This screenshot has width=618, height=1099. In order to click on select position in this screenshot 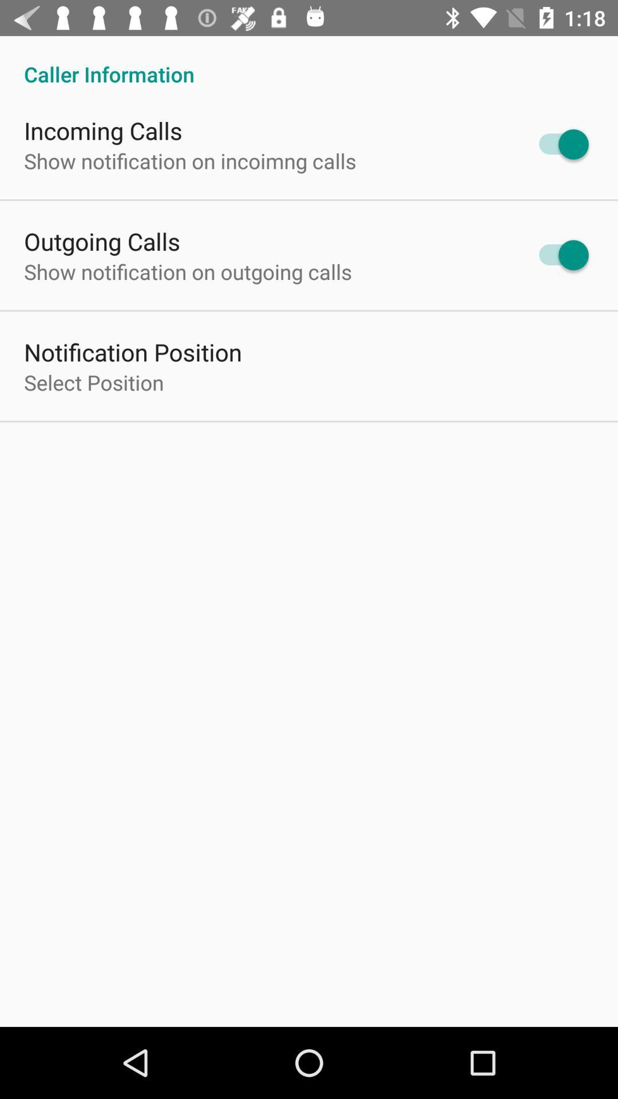, I will do `click(93, 382)`.